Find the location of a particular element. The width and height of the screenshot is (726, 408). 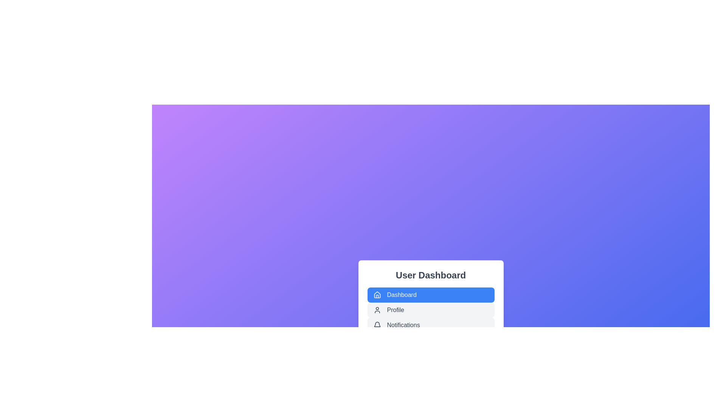

the 'Profile' menu item icon, which visually indicates the function of the menu item located to the left of the label text 'Profile' is located at coordinates (377, 310).